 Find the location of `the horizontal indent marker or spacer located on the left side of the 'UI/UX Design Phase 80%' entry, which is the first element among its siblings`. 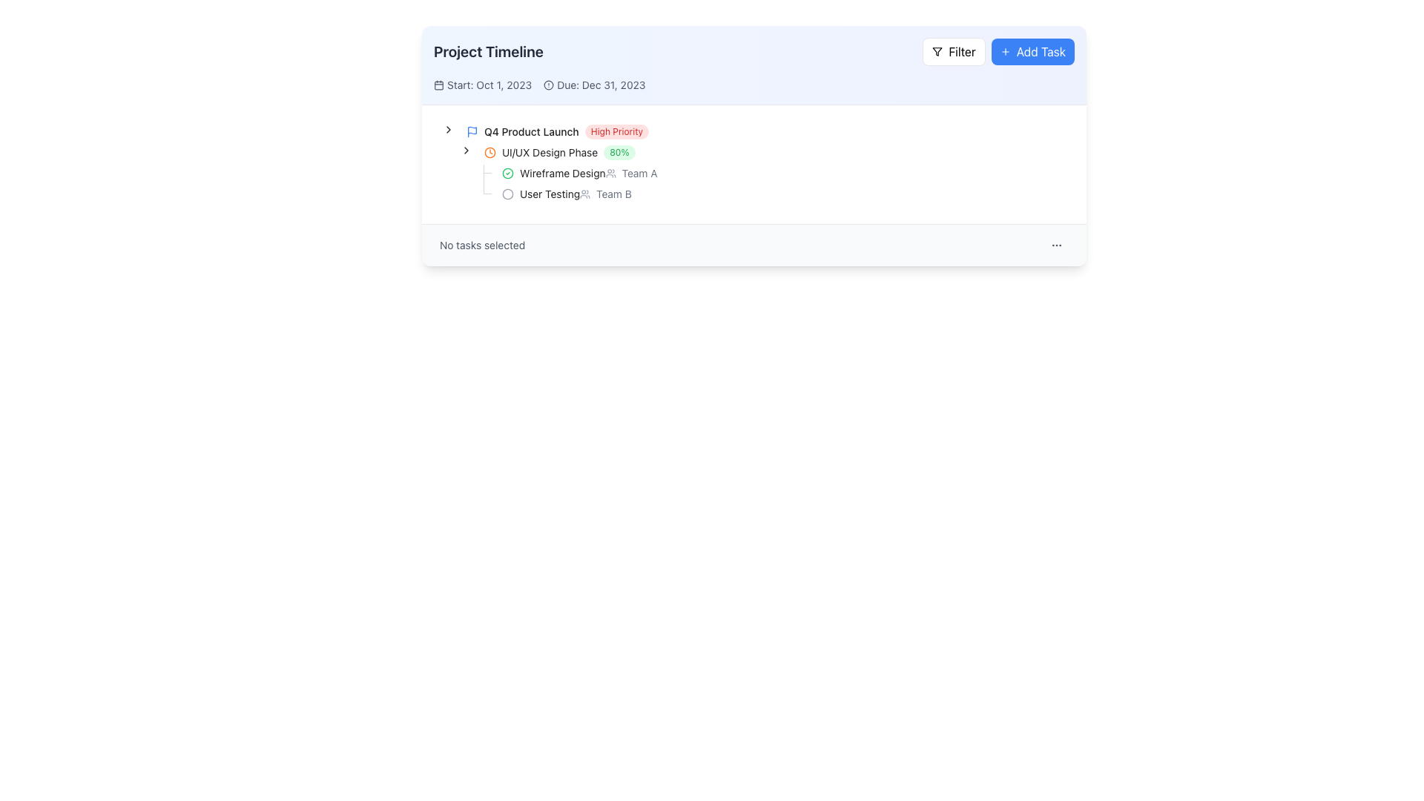

the horizontal indent marker or spacer located on the left side of the 'UI/UX Design Phase 80%' entry, which is the first element among its siblings is located at coordinates (447, 152).